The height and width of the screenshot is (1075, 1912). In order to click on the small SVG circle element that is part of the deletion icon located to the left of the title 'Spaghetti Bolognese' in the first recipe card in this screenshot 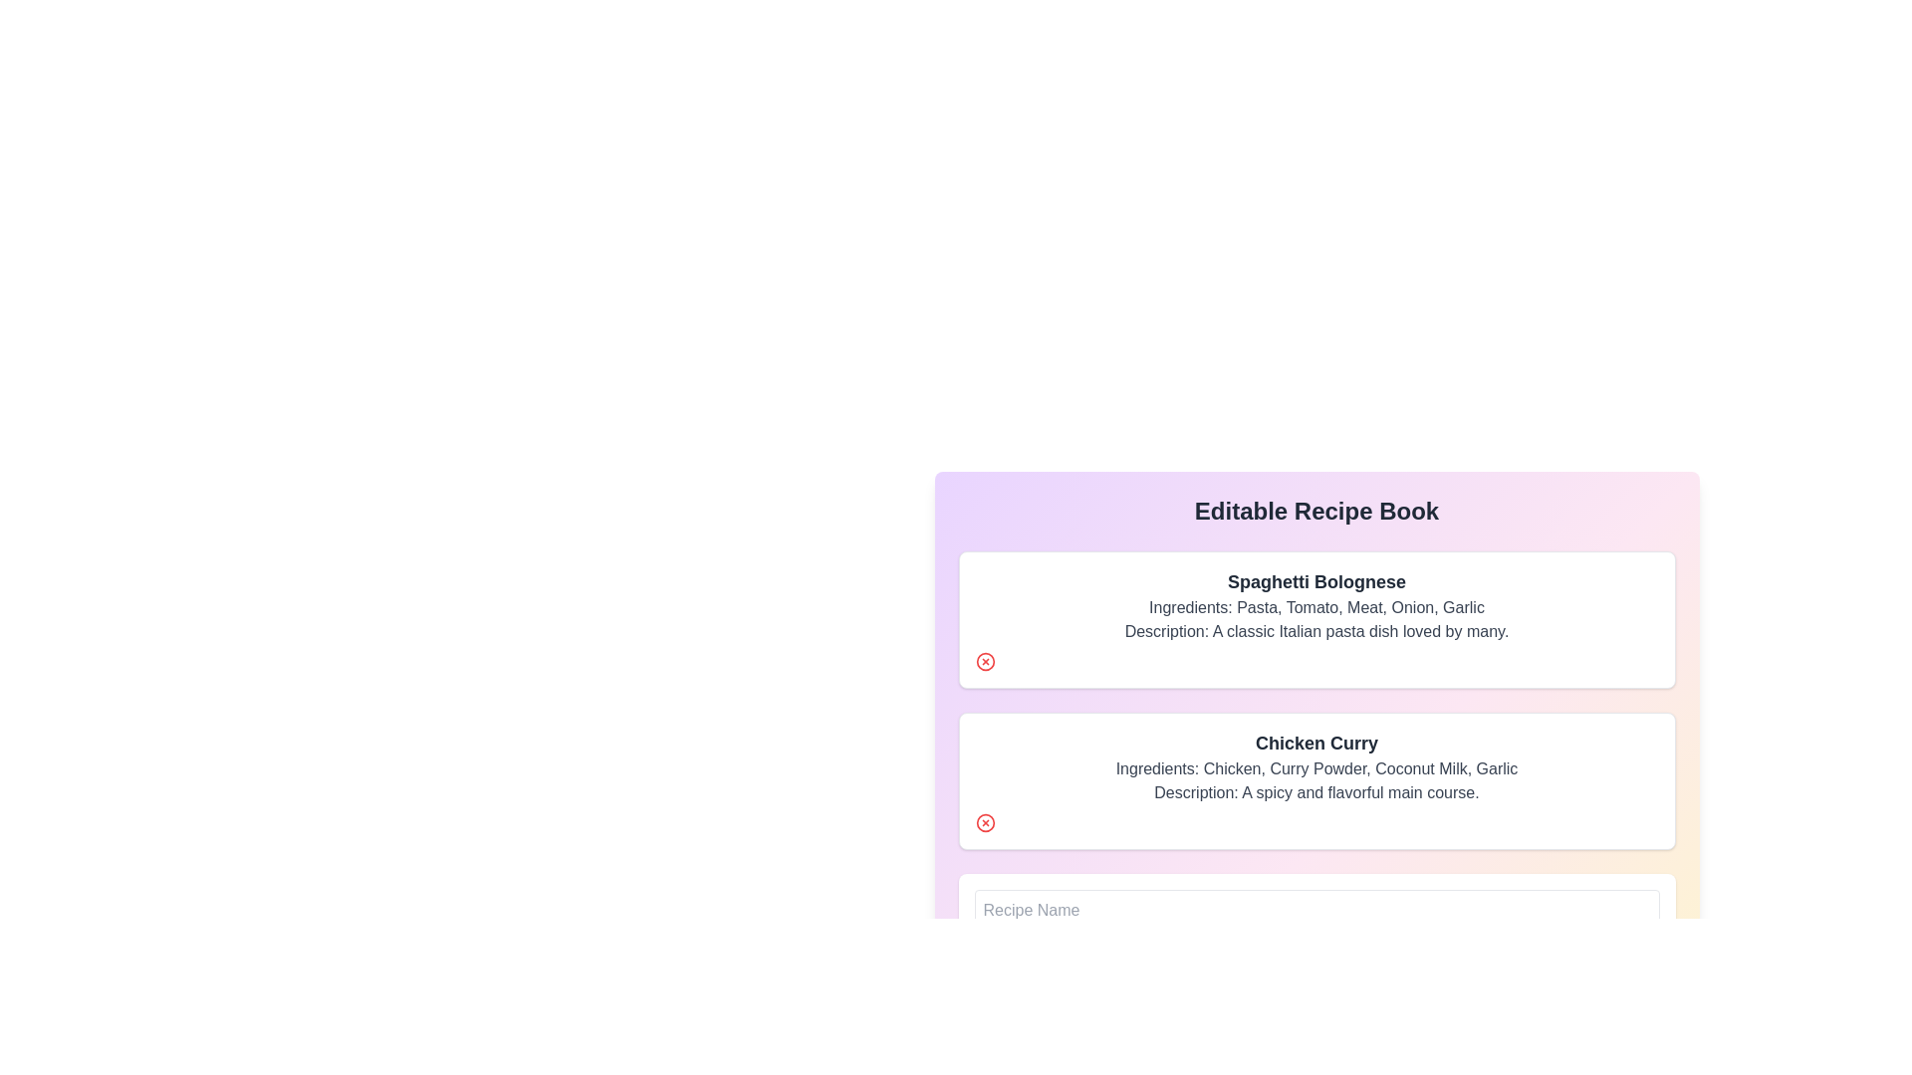, I will do `click(985, 822)`.